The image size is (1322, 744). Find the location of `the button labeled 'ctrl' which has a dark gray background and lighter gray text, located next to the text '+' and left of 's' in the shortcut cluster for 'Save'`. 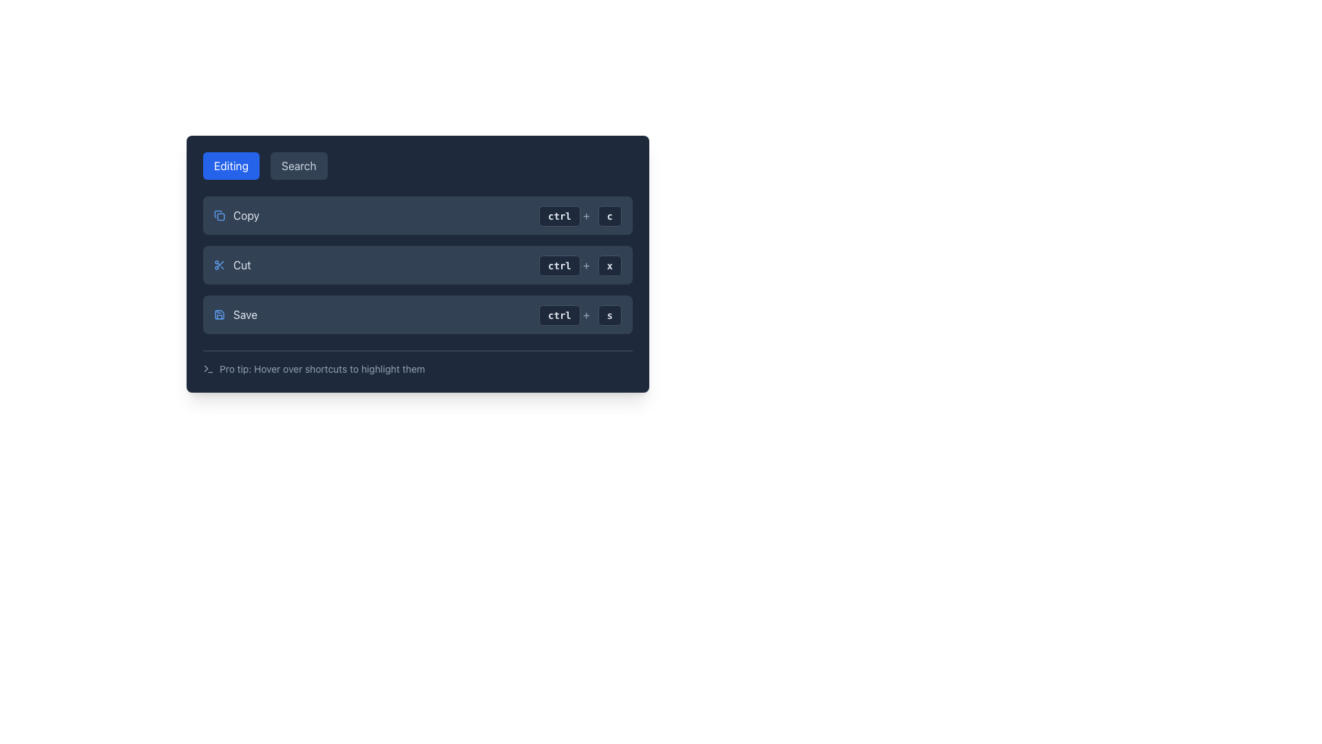

the button labeled 'ctrl' which has a dark gray background and lighter gray text, located next to the text '+' and left of 's' in the shortcut cluster for 'Save' is located at coordinates (559, 316).